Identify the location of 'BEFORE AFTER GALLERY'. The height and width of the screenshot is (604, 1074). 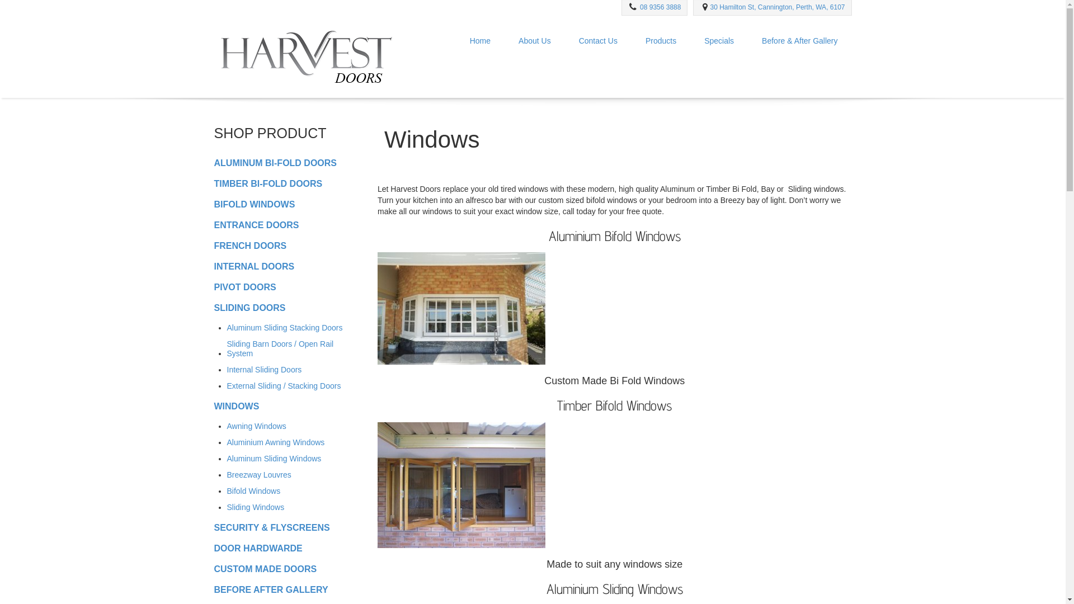
(271, 589).